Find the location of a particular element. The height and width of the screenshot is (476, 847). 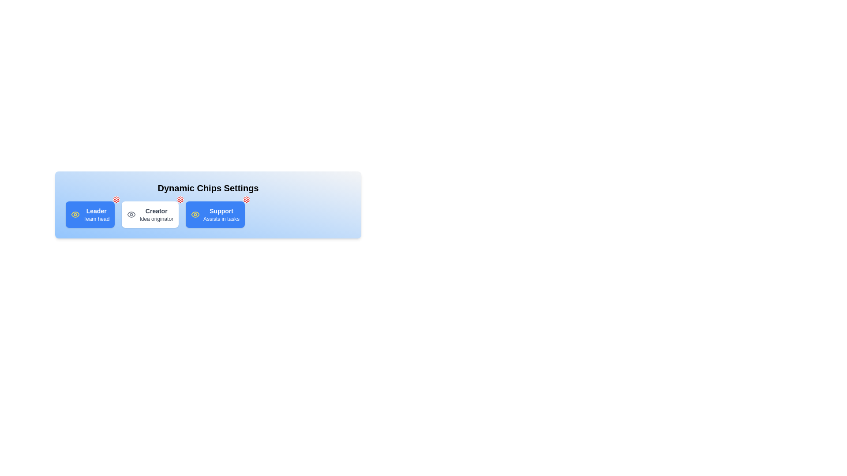

the chip labeled Support to toggle its active state is located at coordinates (215, 214).